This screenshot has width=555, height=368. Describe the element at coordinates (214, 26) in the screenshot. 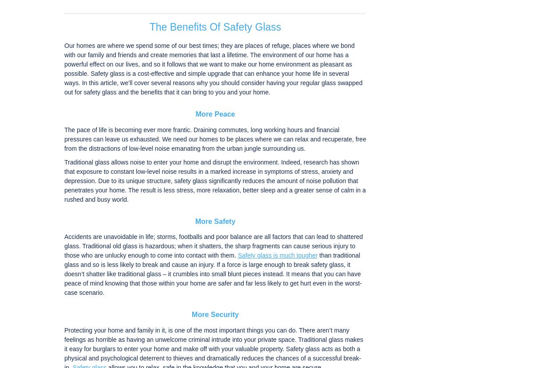

I see `'The Benefits Of Safety Glass'` at that location.